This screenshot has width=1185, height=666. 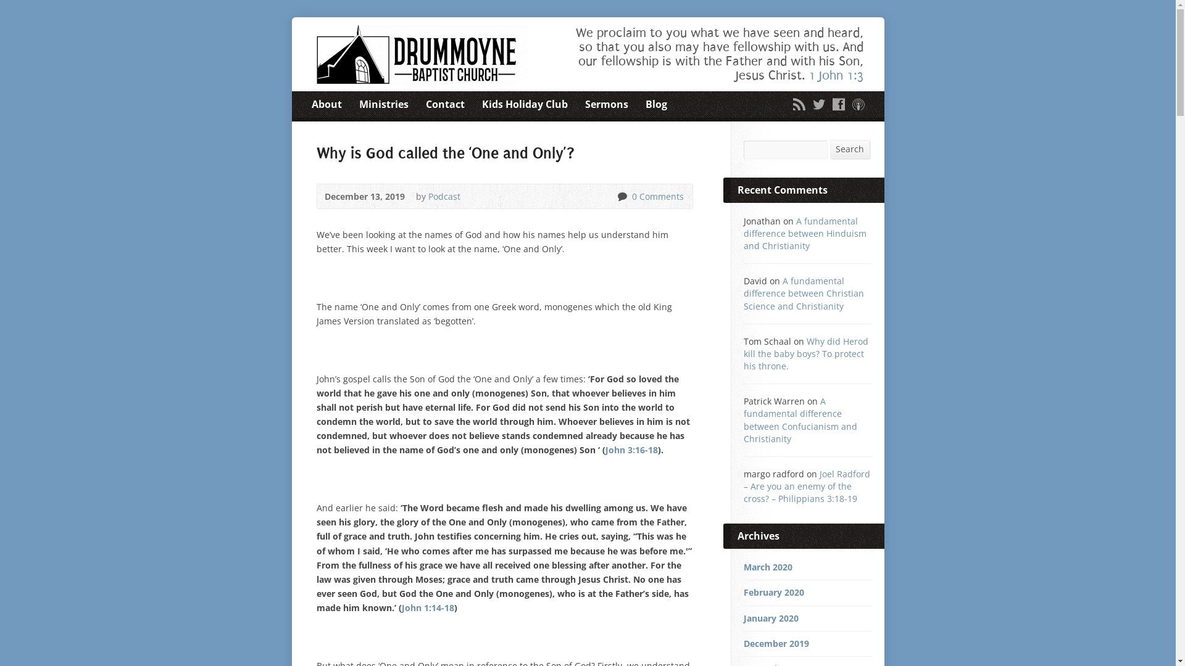 I want to click on 'About', so click(x=326, y=104).